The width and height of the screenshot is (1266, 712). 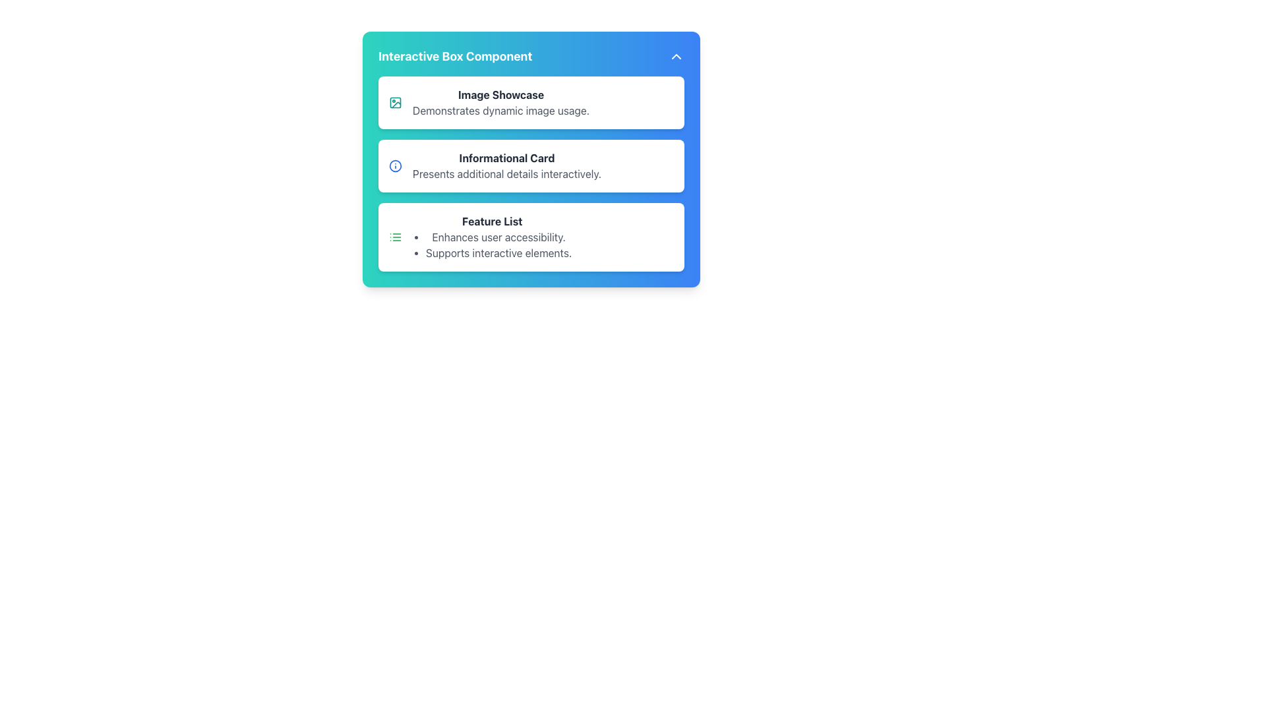 I want to click on the icon representing the list feature located to the left of the text 'Feature List' in the third box of the 'Interactive Box Component' section, so click(x=395, y=236).